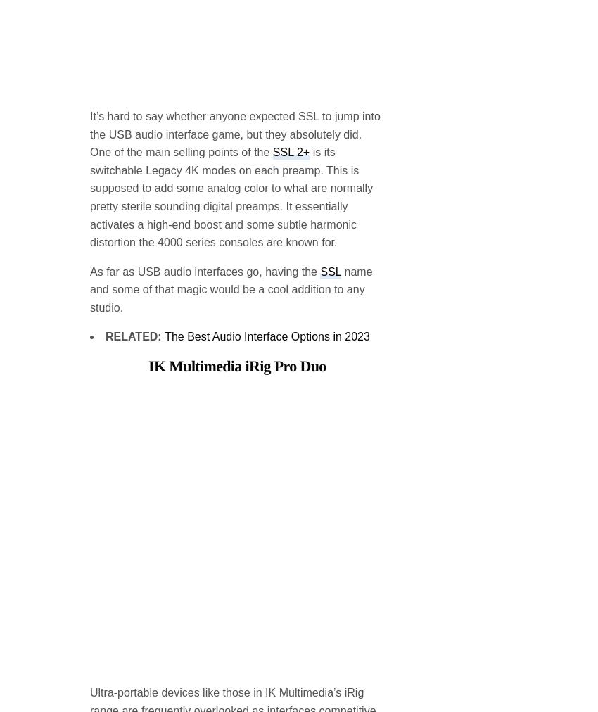 The height and width of the screenshot is (712, 598). I want to click on 'SSL', so click(330, 158).